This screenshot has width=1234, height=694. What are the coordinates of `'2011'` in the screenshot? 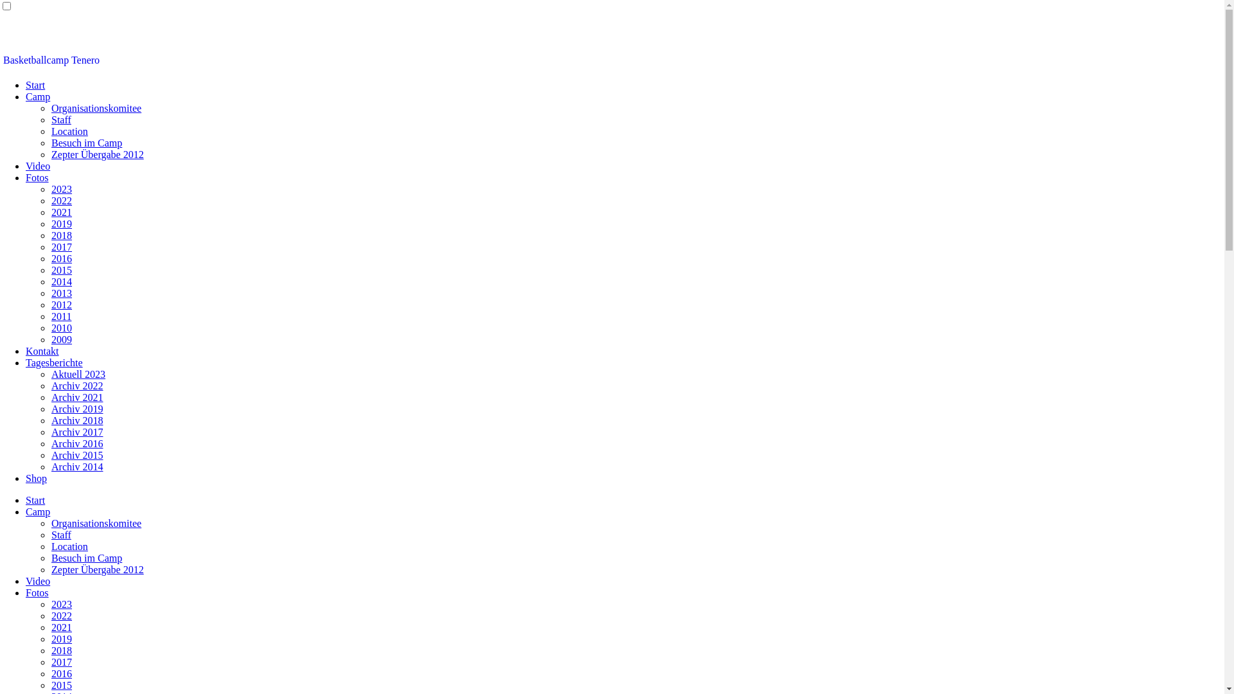 It's located at (60, 316).